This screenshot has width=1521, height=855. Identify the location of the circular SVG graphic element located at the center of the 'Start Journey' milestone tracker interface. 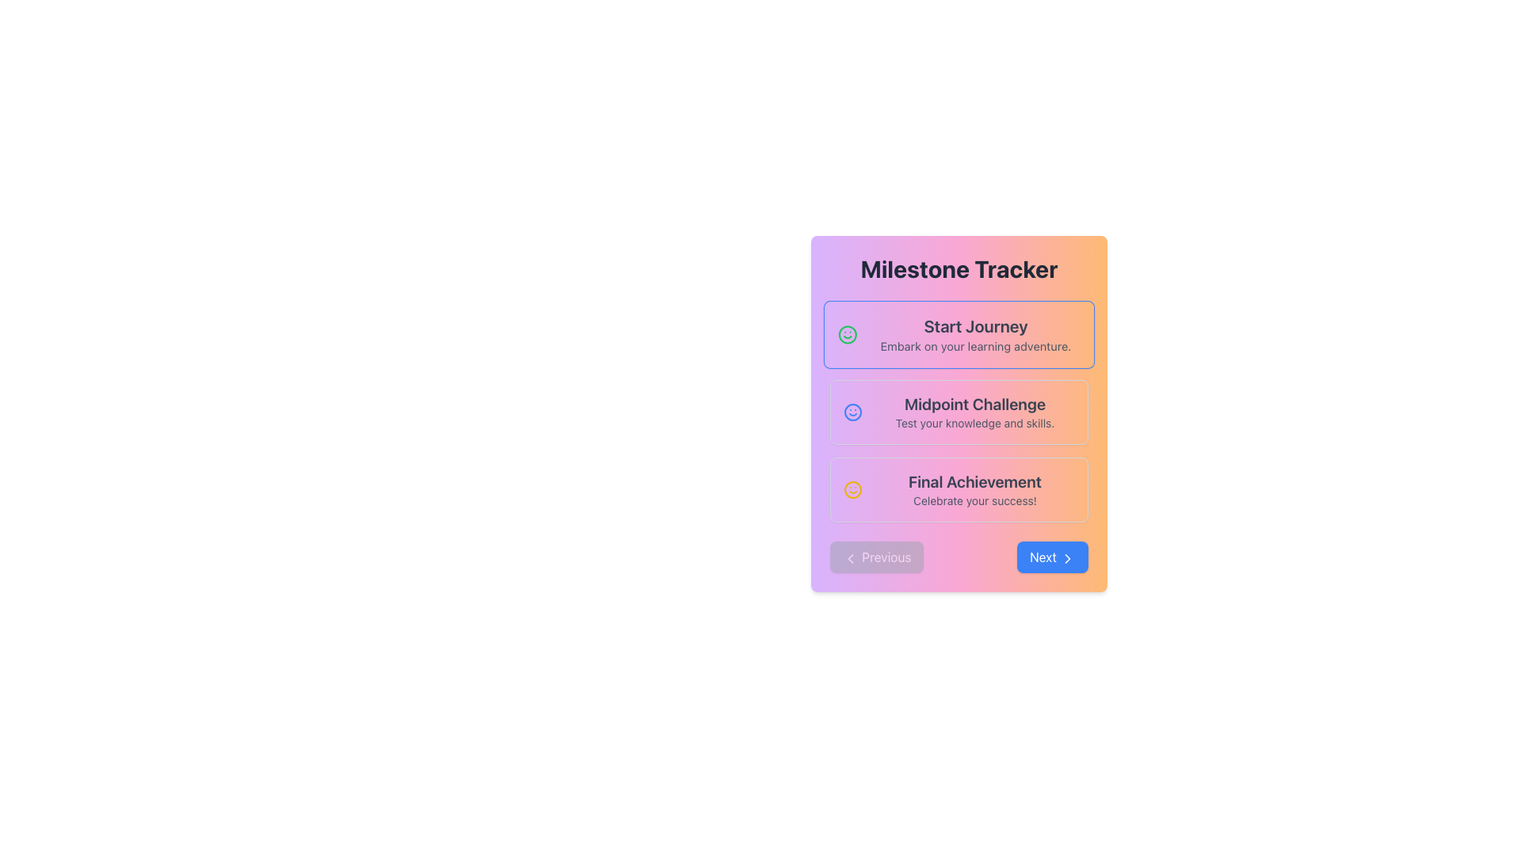
(852, 411).